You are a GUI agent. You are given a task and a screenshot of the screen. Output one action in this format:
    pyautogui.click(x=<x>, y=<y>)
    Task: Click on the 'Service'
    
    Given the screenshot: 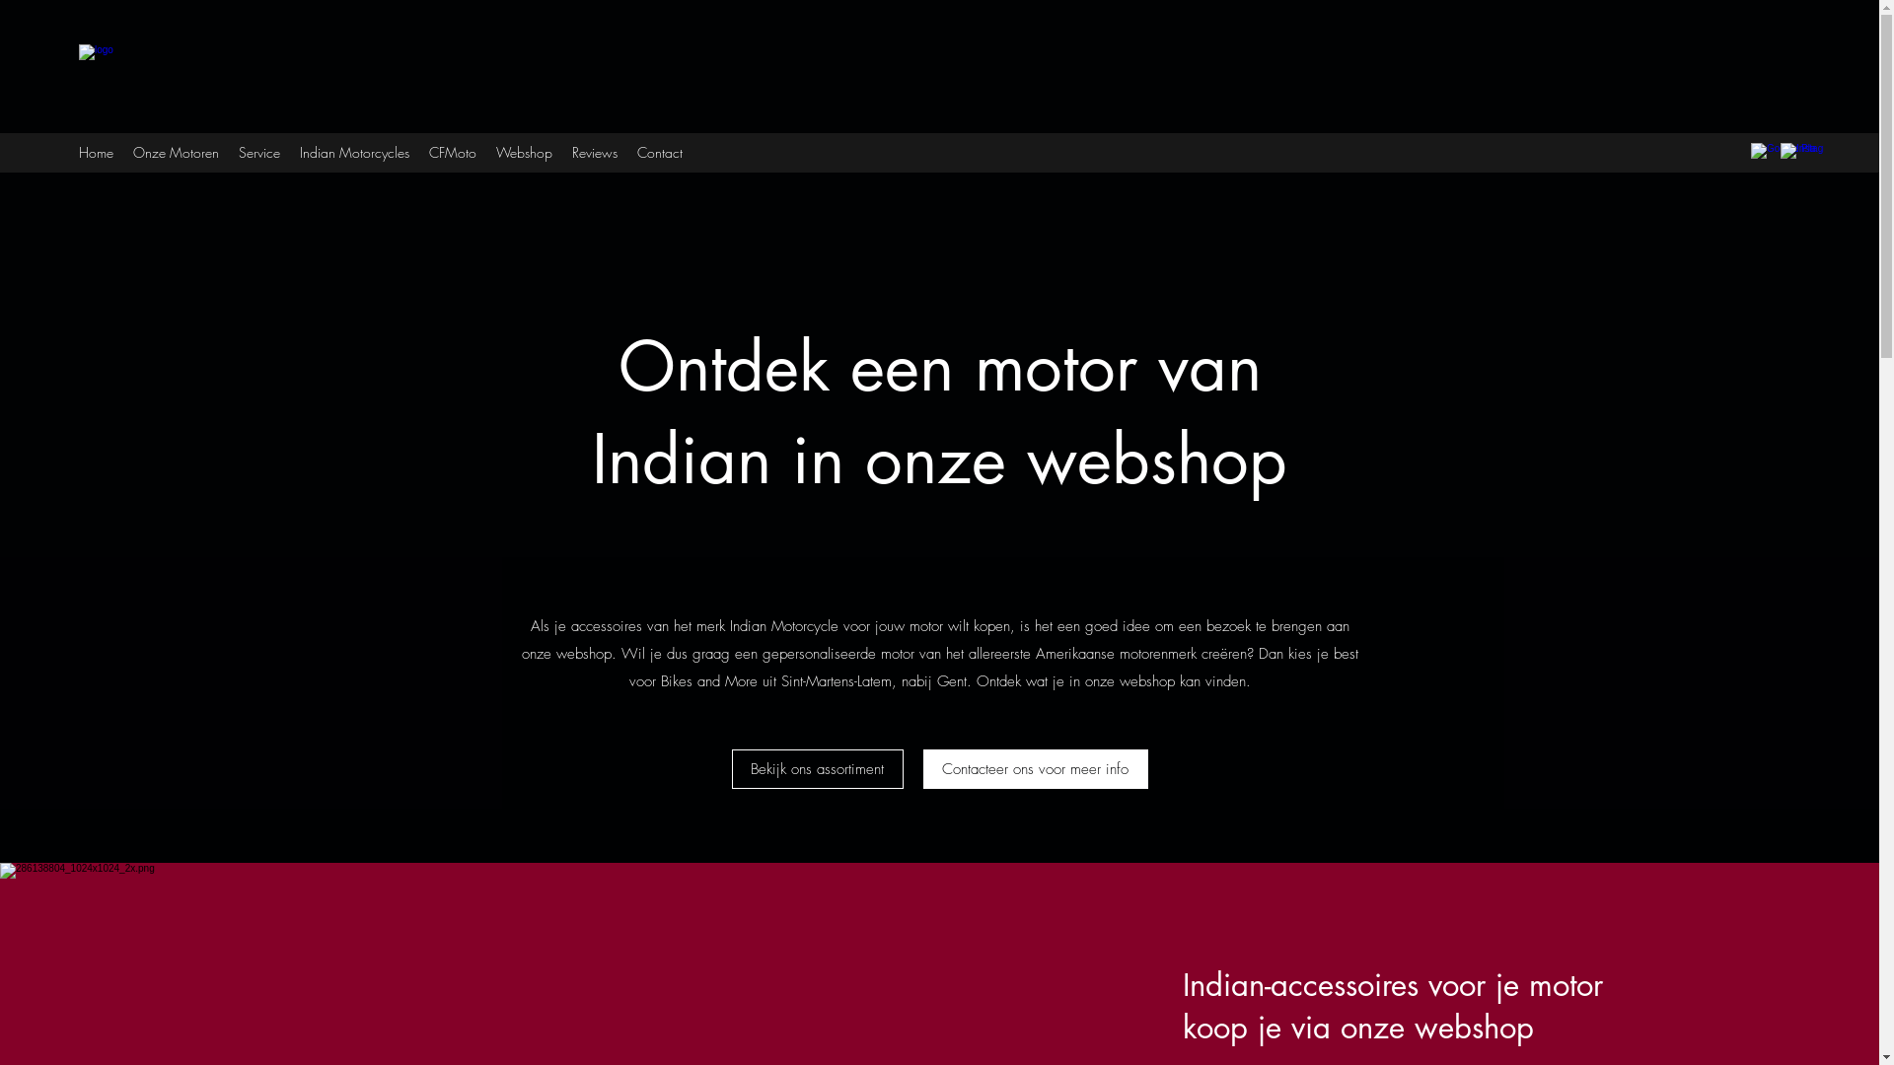 What is the action you would take?
    pyautogui.click(x=258, y=151)
    